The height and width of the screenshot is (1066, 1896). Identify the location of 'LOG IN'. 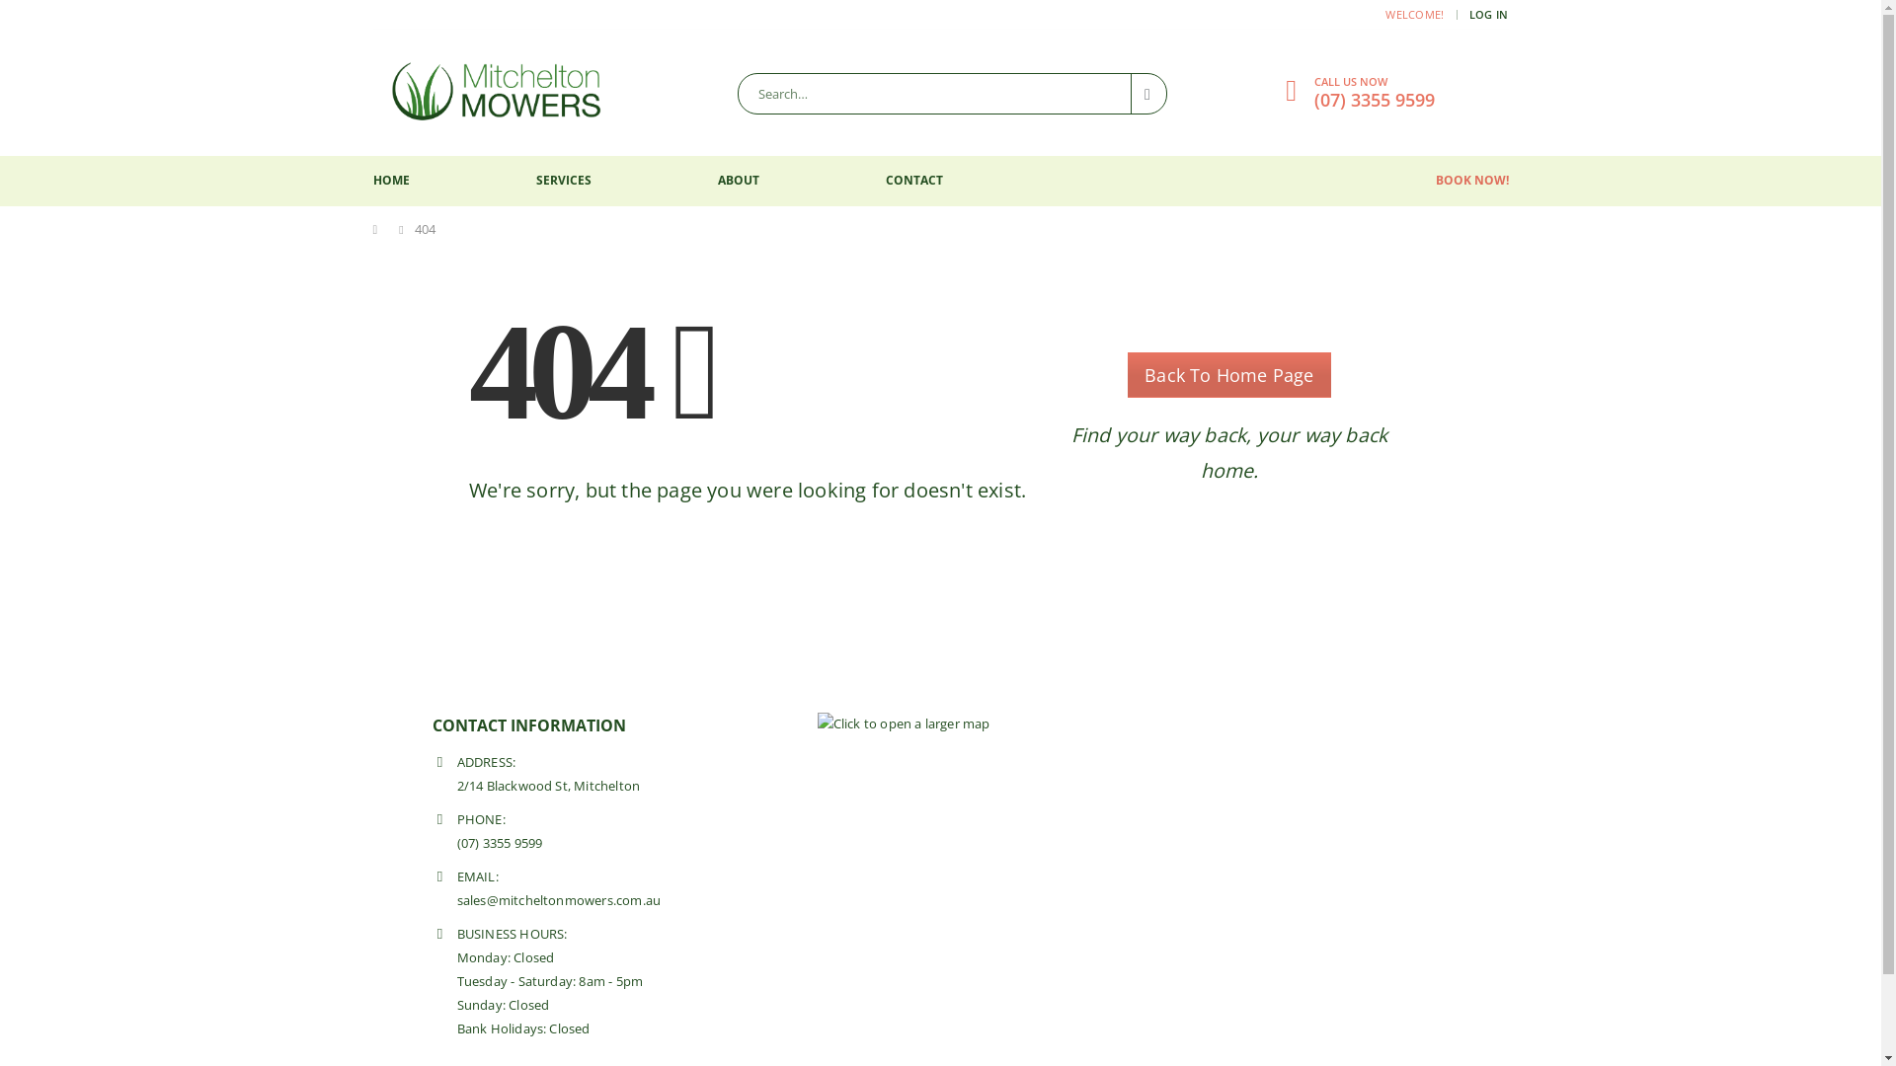
(1488, 15).